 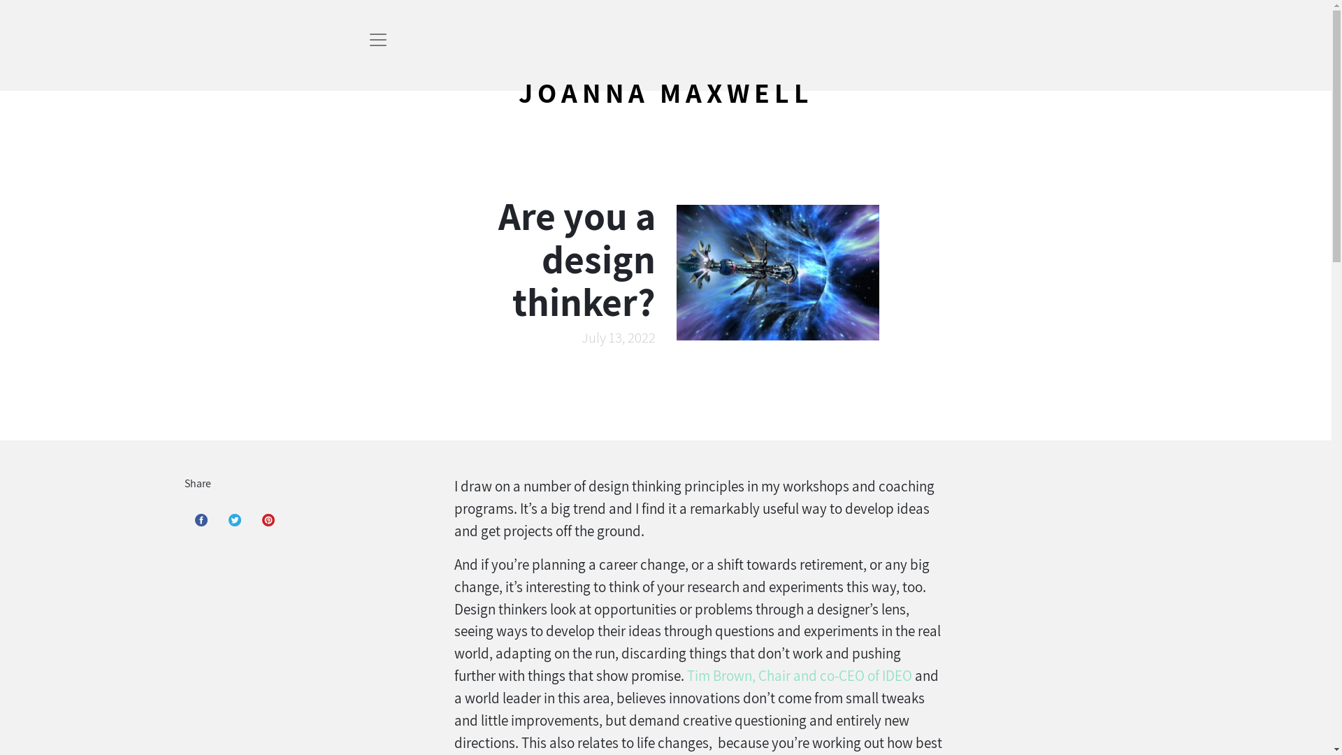 What do you see at coordinates (201, 520) in the screenshot?
I see `'facebook'` at bounding box center [201, 520].